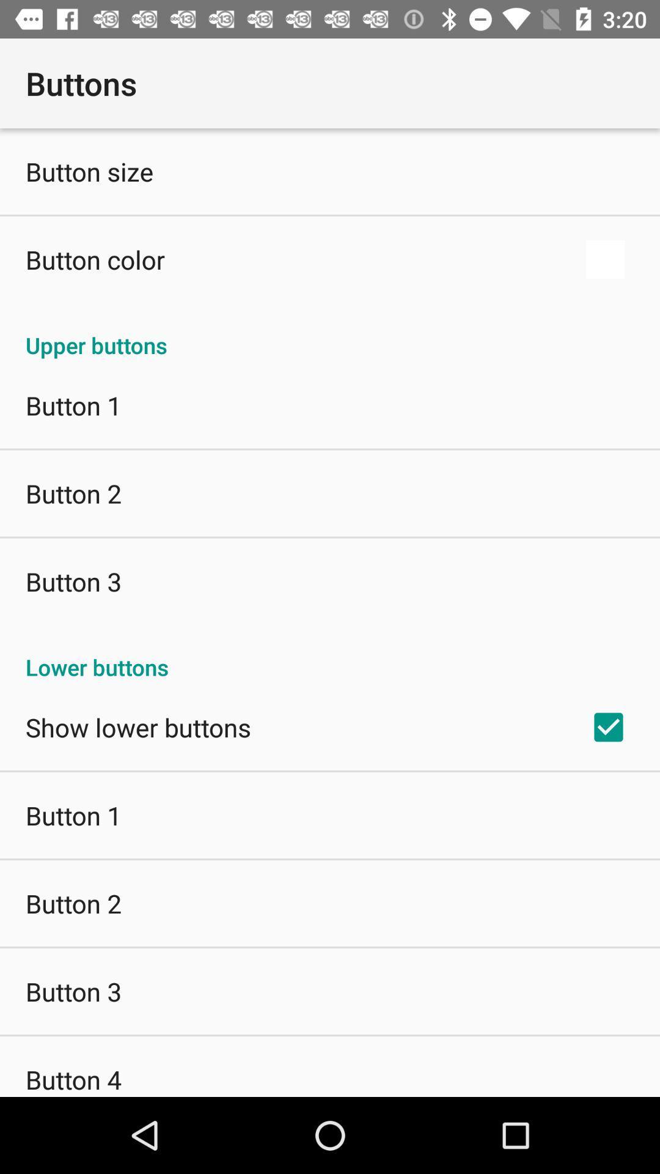 The image size is (660, 1174). I want to click on upper buttons item, so click(330, 332).